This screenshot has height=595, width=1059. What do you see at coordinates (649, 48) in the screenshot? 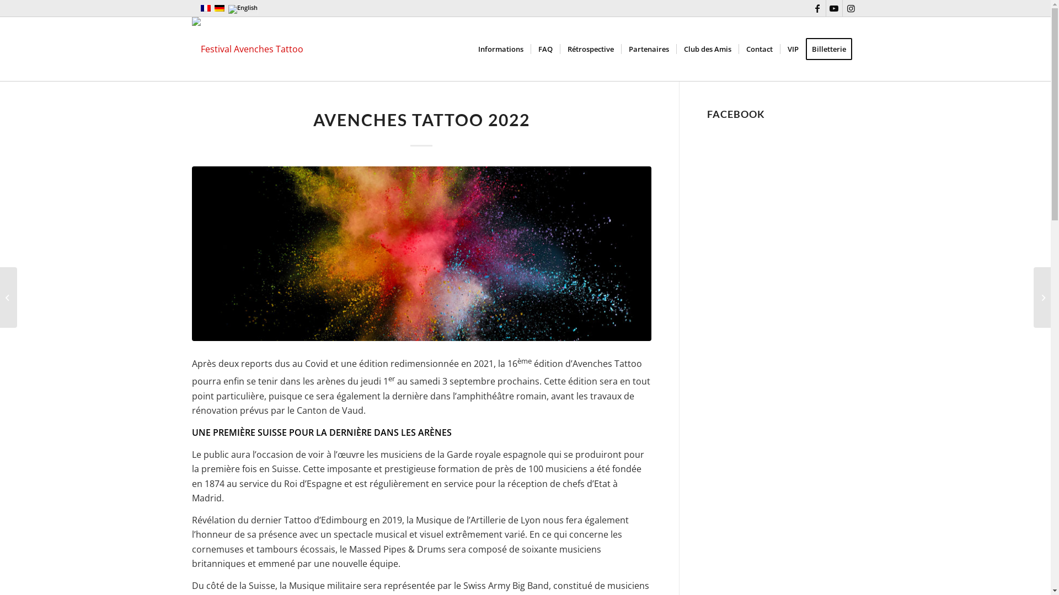
I see `'Partenaires'` at bounding box center [649, 48].